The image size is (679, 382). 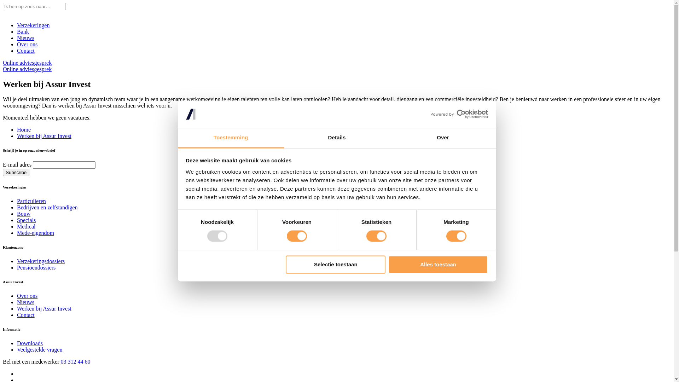 I want to click on 'Verzekeringsdossiers', so click(x=40, y=261).